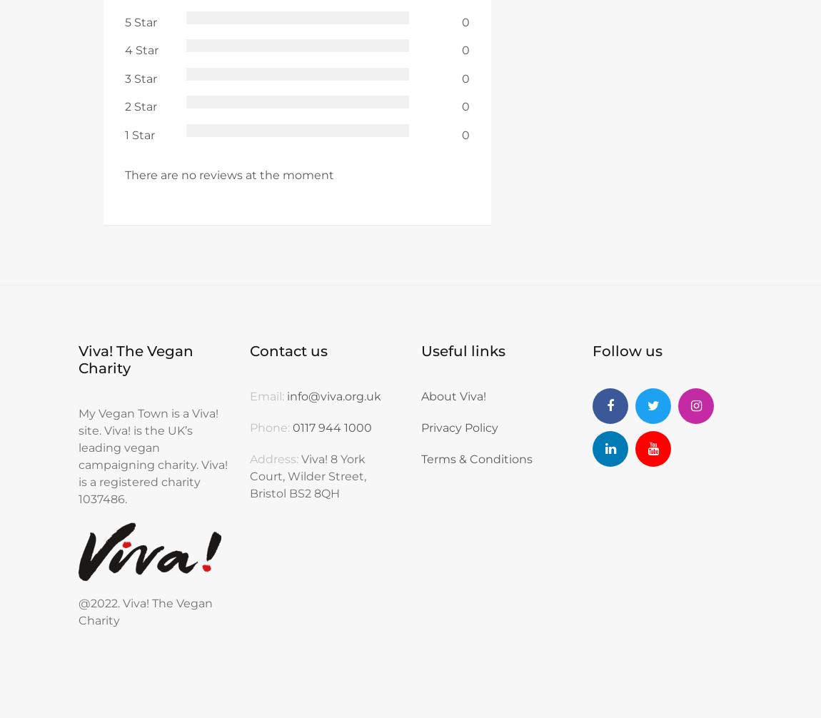 The height and width of the screenshot is (718, 821). I want to click on 'Useful links', so click(420, 350).